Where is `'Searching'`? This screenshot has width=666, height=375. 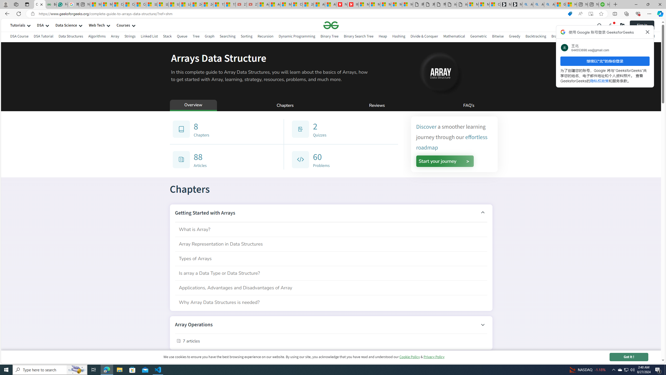 'Searching' is located at coordinates (228, 36).